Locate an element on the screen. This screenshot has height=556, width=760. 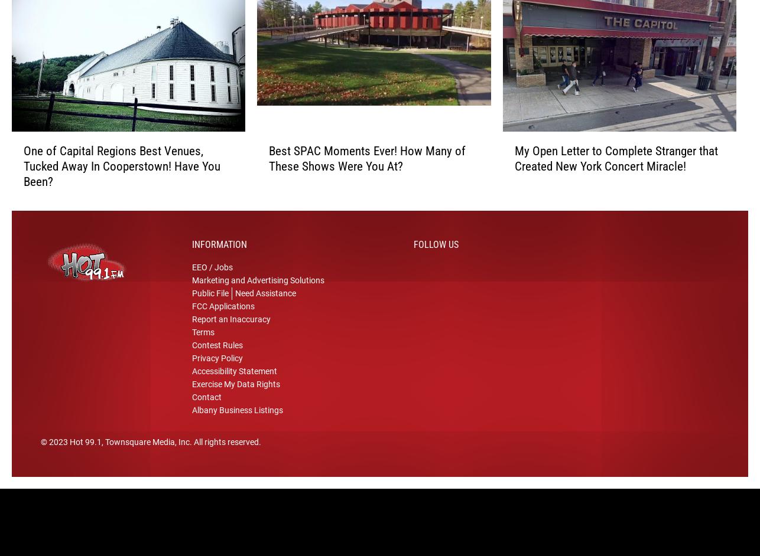
'Accessibility Statement' is located at coordinates (233, 385).